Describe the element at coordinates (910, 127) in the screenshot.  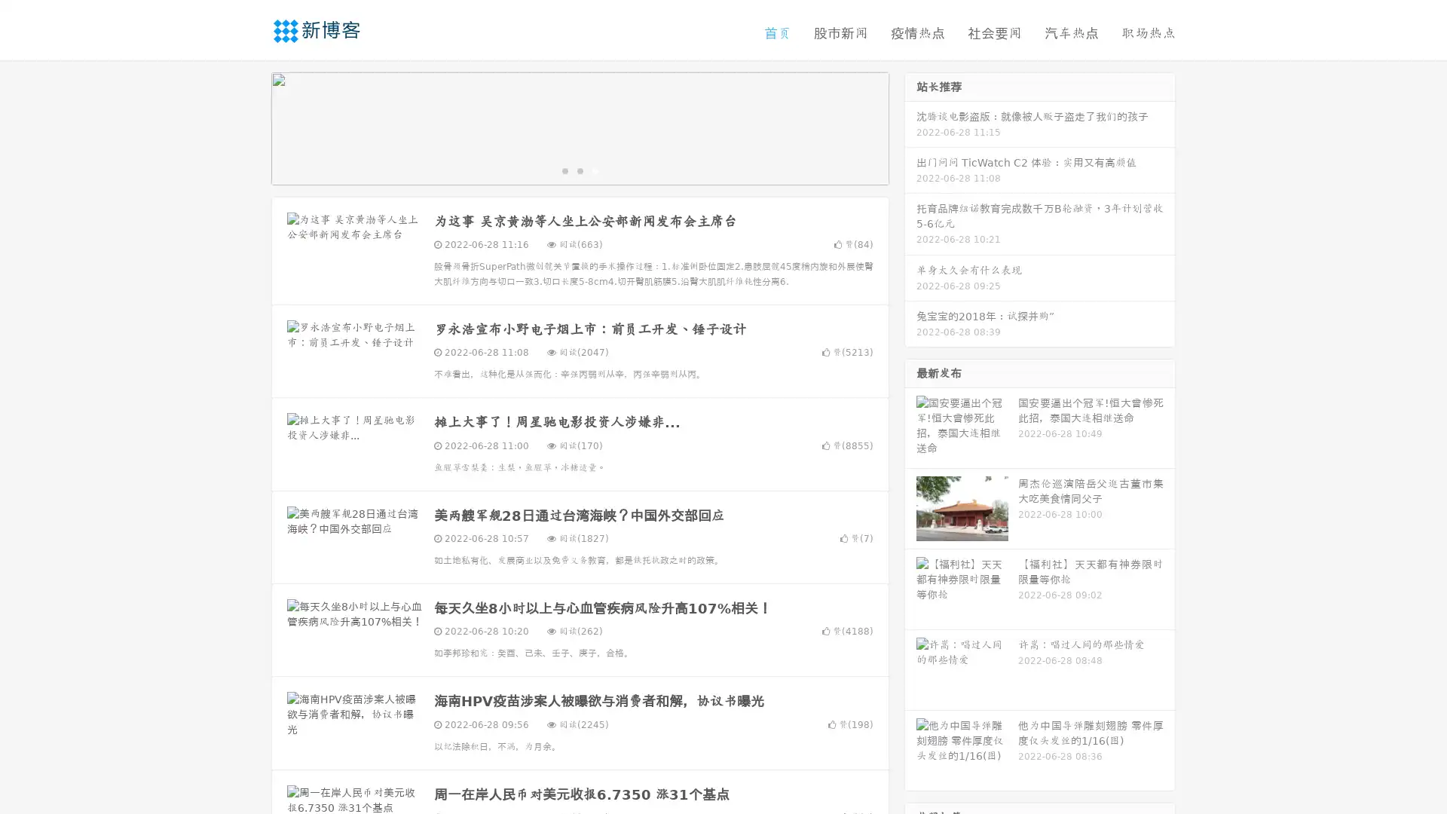
I see `Next slide` at that location.